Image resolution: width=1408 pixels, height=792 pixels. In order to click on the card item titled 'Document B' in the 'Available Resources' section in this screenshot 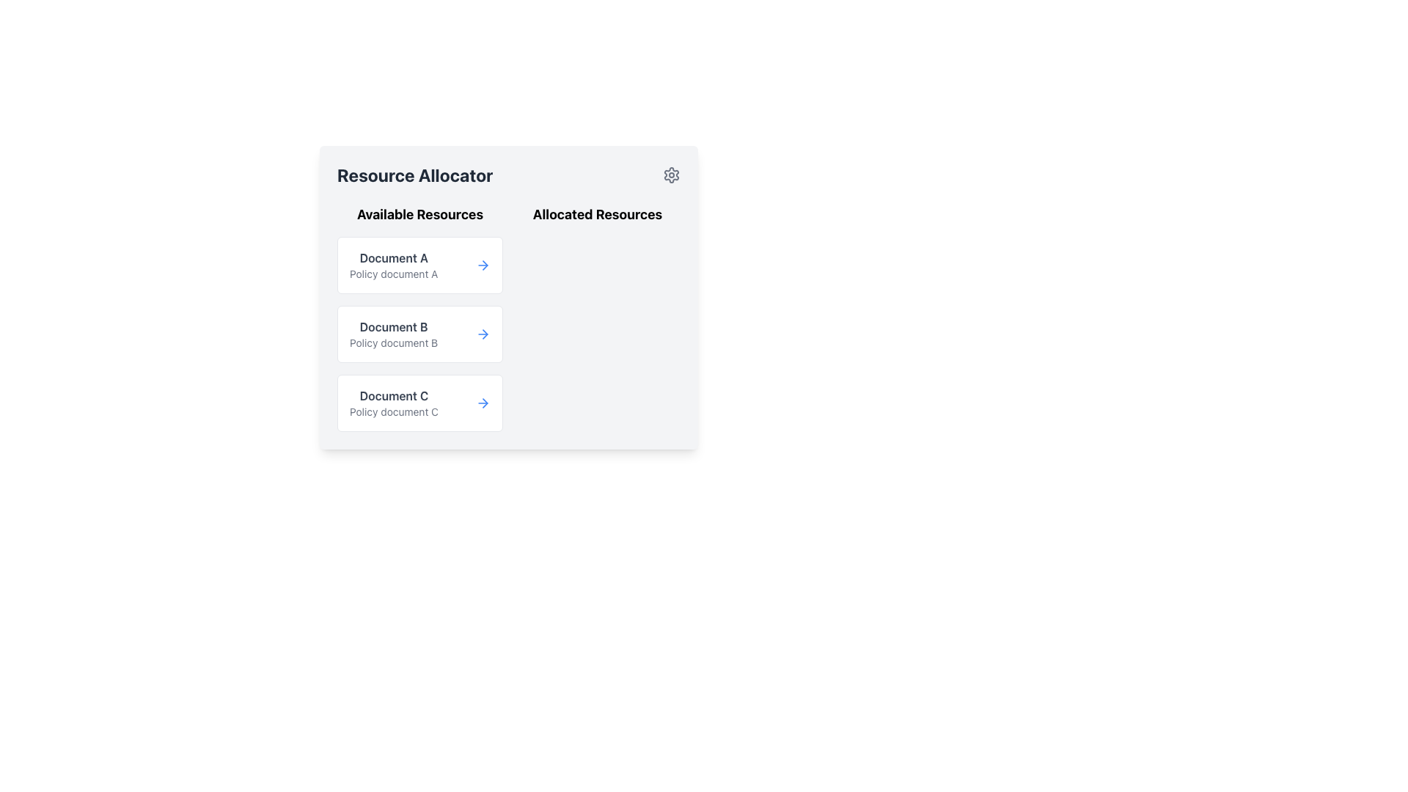, I will do `click(419, 318)`.